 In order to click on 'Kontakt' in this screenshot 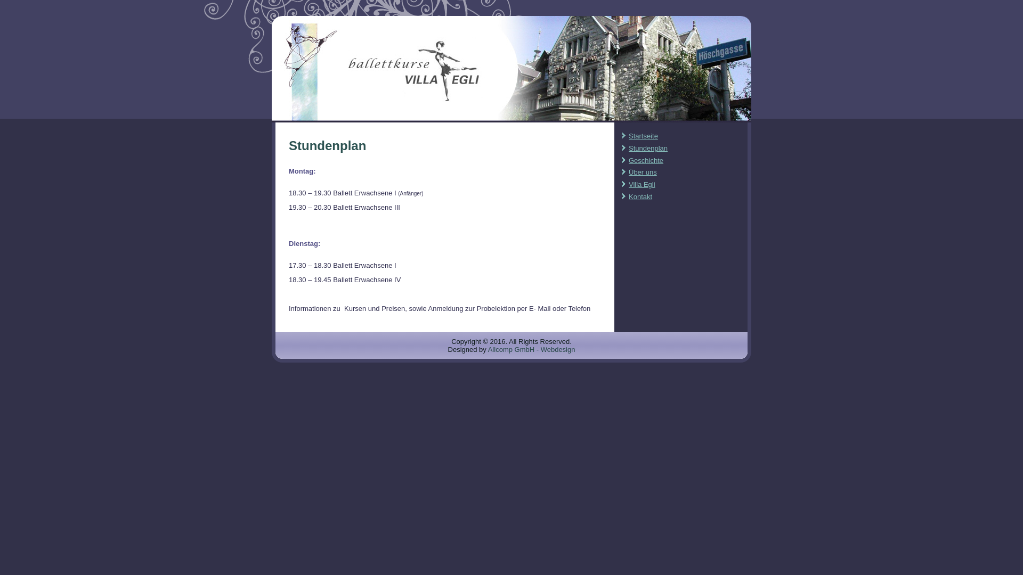, I will do `click(629, 196)`.